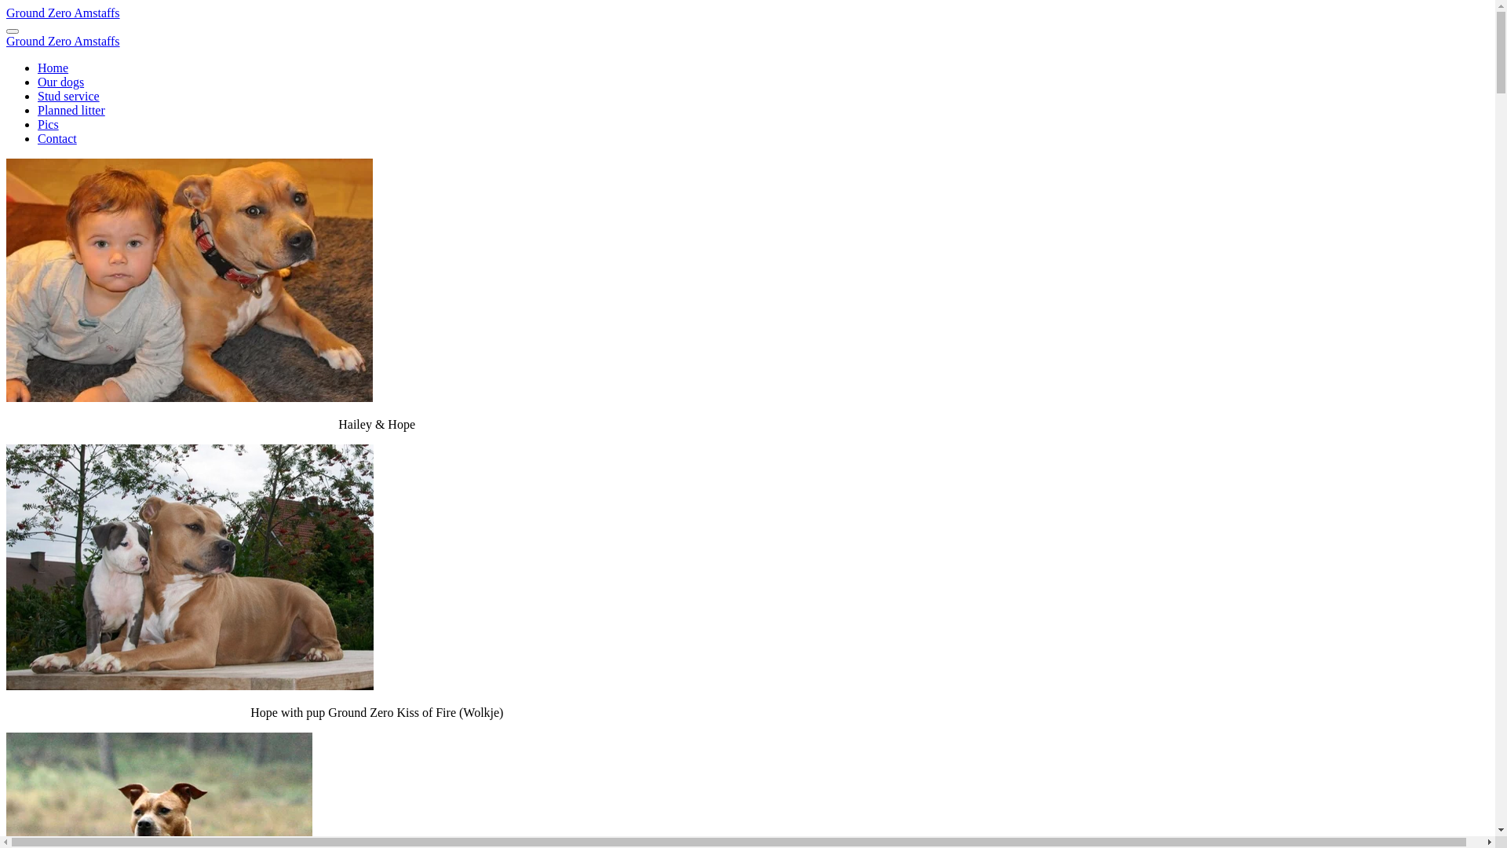  What do you see at coordinates (60, 82) in the screenshot?
I see `'Our dogs'` at bounding box center [60, 82].